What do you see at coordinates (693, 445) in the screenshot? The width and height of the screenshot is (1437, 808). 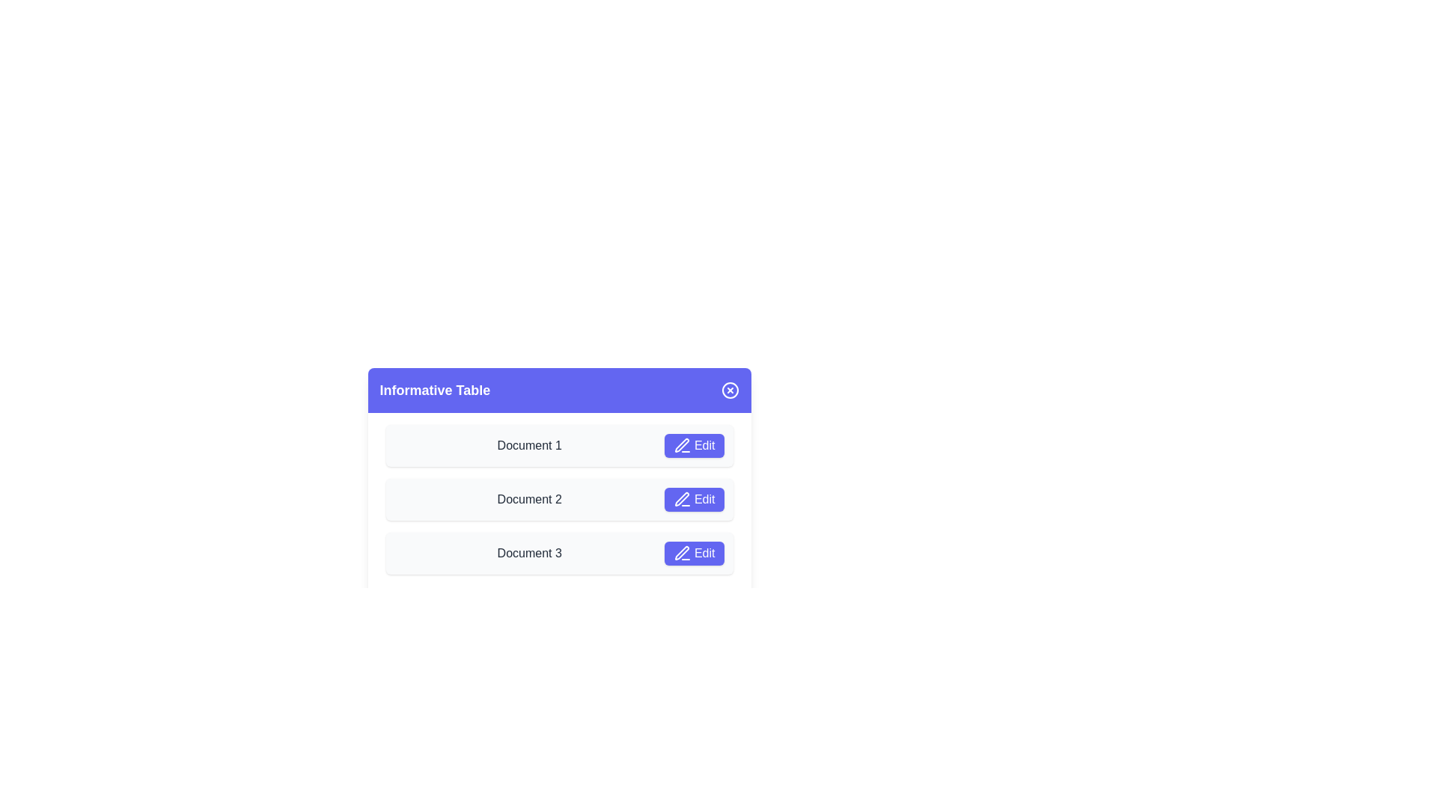 I see `'Edit' button for the document with the name 'Document 1'` at bounding box center [693, 445].